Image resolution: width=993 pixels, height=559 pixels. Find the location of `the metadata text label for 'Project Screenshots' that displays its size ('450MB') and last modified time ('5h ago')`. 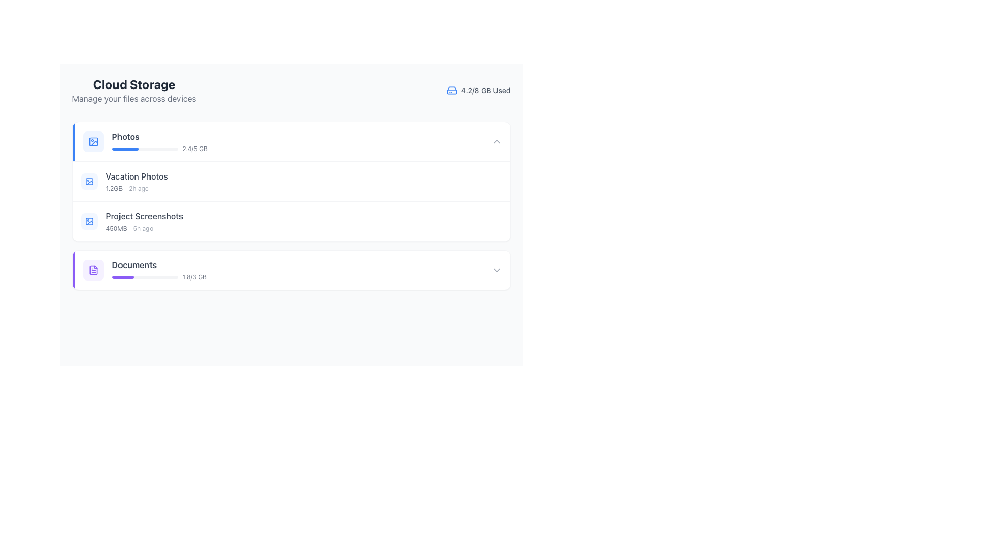

the metadata text label for 'Project Screenshots' that displays its size ('450MB') and last modified time ('5h ago') is located at coordinates (144, 228).